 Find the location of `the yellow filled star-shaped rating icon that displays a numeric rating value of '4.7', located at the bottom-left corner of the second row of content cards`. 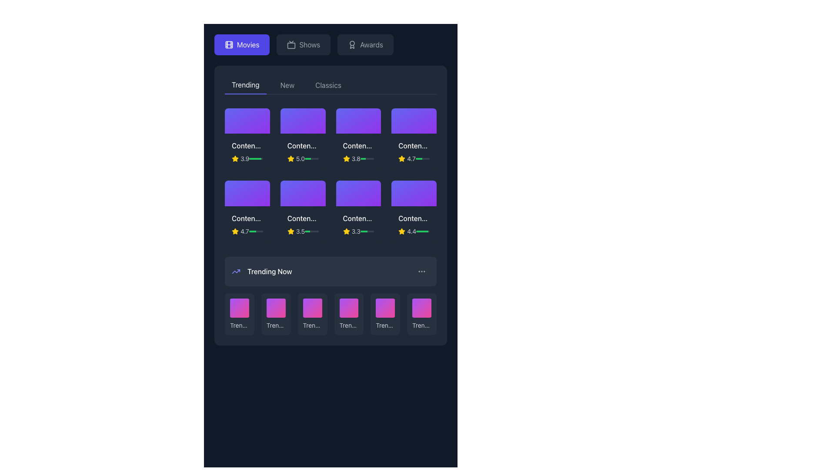

the yellow filled star-shaped rating icon that displays a numeric rating value of '4.7', located at the bottom-left corner of the second row of content cards is located at coordinates (235, 231).